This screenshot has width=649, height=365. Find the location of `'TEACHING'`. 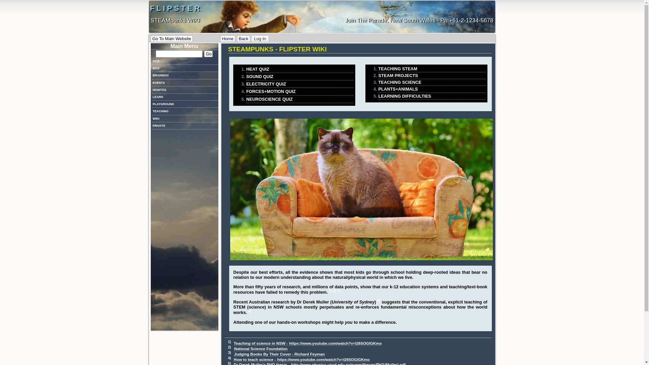

'TEACHING' is located at coordinates (152, 111).